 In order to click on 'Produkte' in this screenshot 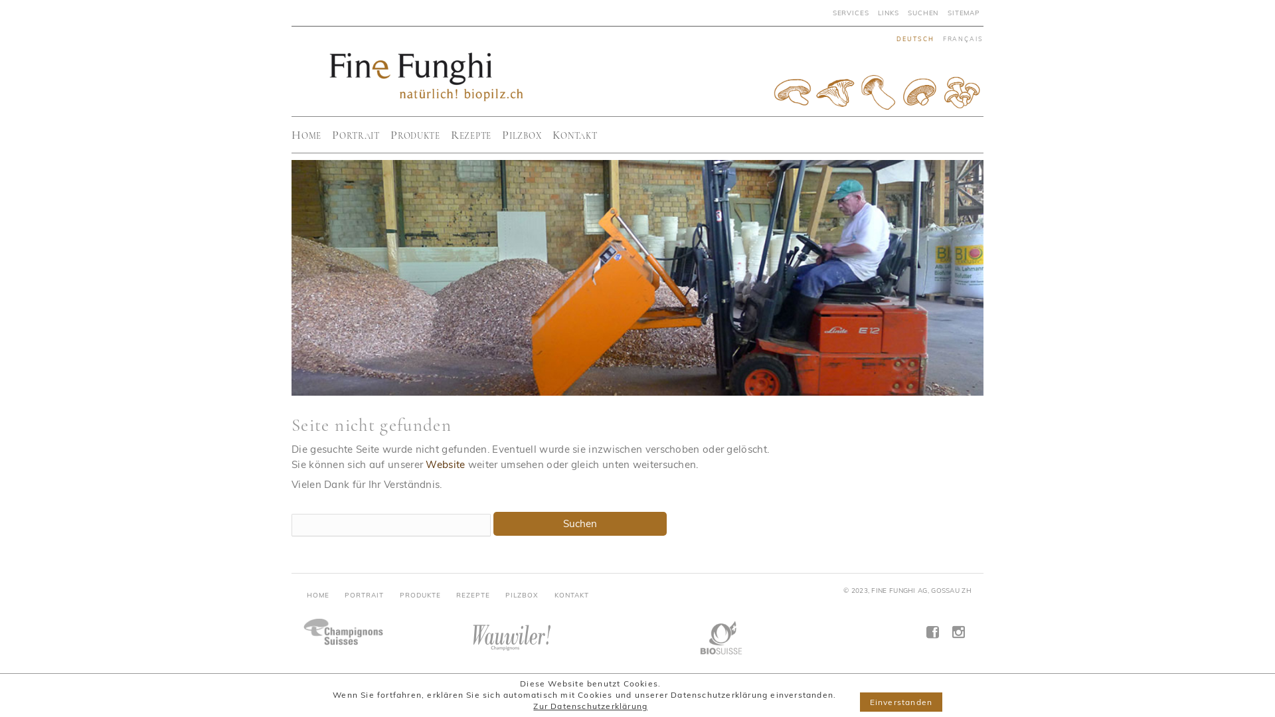, I will do `click(420, 135)`.